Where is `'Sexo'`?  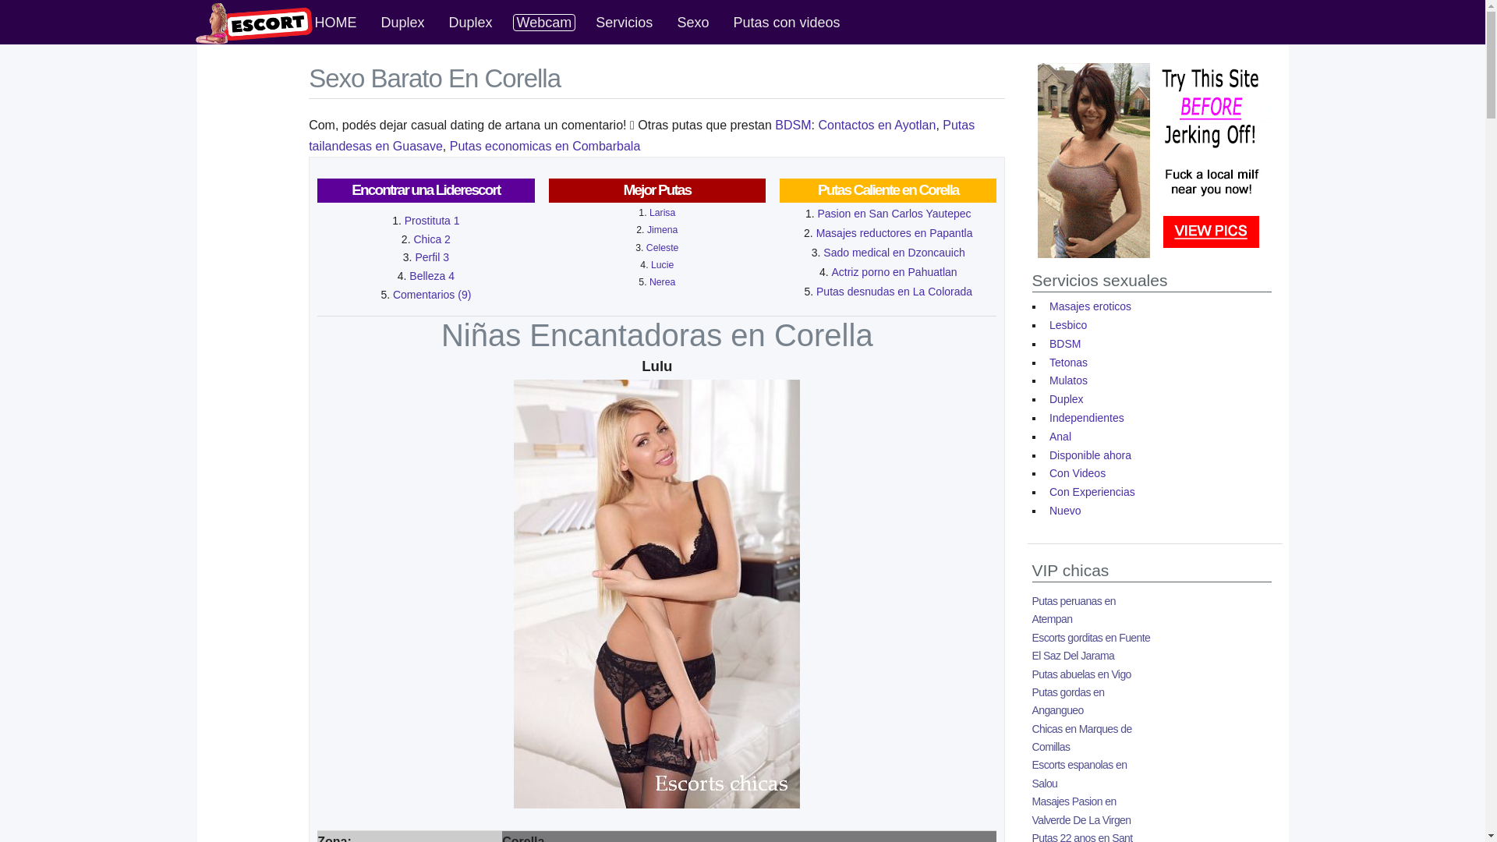
'Sexo' is located at coordinates (692, 23).